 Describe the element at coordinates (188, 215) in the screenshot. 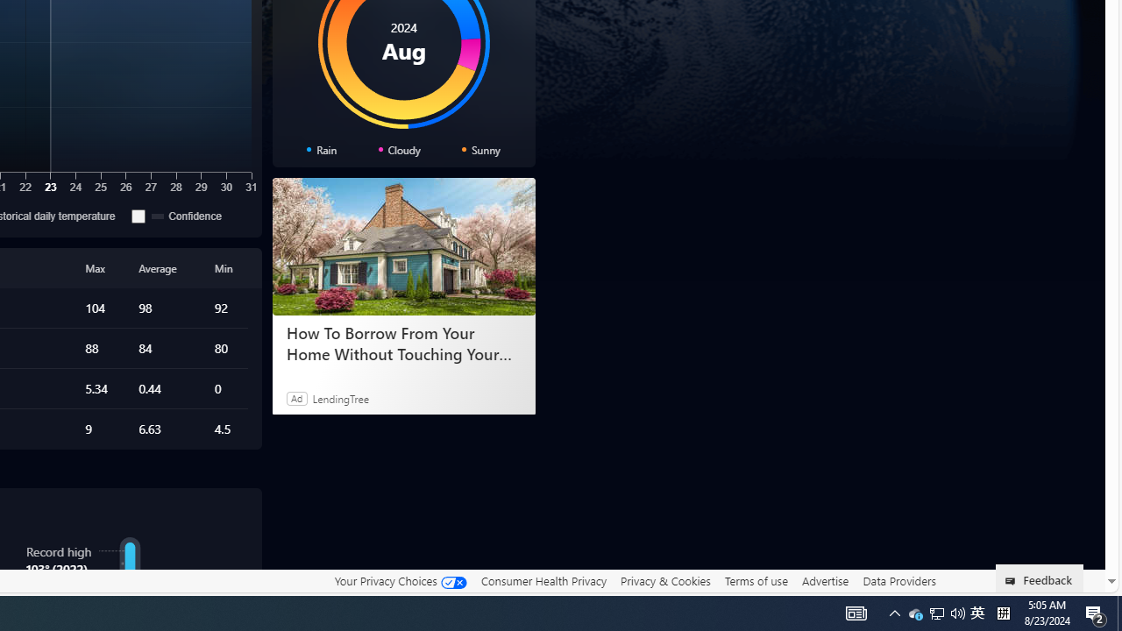

I see `'Confidence'` at that location.